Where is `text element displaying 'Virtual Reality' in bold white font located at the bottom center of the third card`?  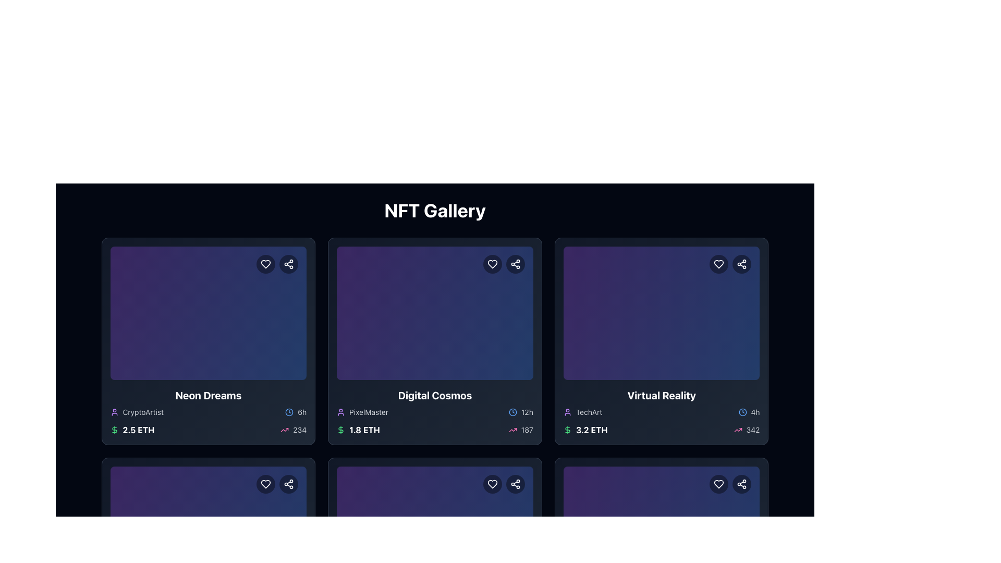
text element displaying 'Virtual Reality' in bold white font located at the bottom center of the third card is located at coordinates (661, 396).